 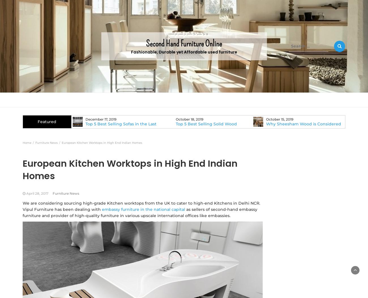 What do you see at coordinates (297, 128) in the screenshot?
I see `'Why Sheesham Wood is Considered to be The Best Choice for Home Furniture'` at bounding box center [297, 128].